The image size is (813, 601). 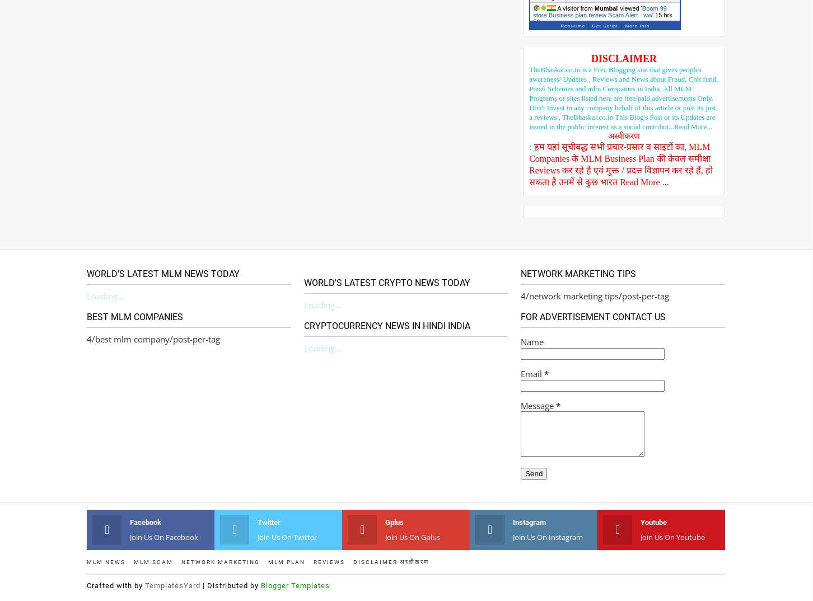 What do you see at coordinates (260, 585) in the screenshot?
I see `'Blogger Templates'` at bounding box center [260, 585].